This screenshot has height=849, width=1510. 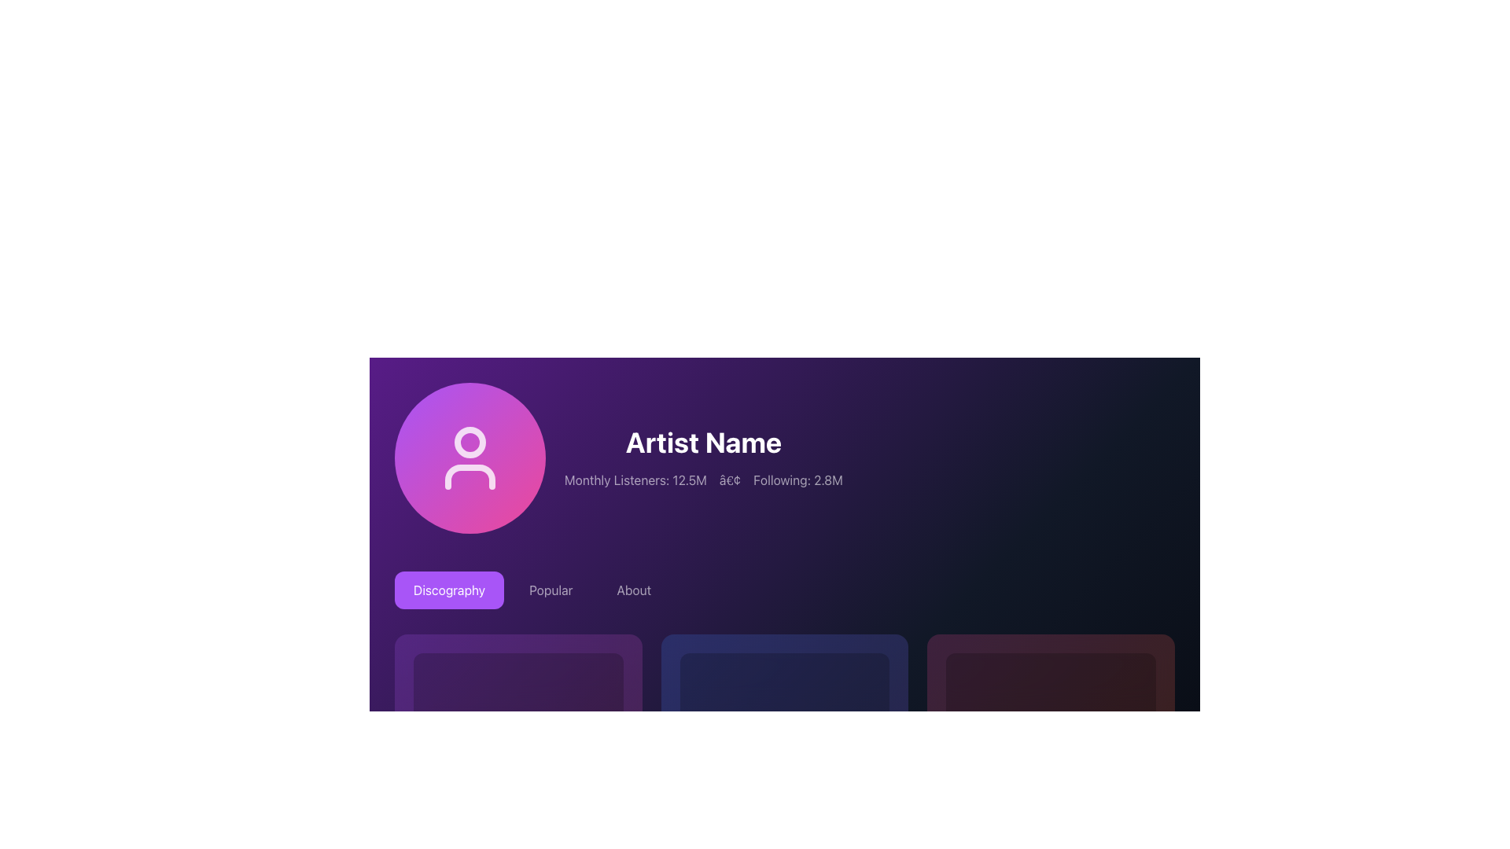 I want to click on the 'Discography' button using keyboard navigation, so click(x=448, y=590).